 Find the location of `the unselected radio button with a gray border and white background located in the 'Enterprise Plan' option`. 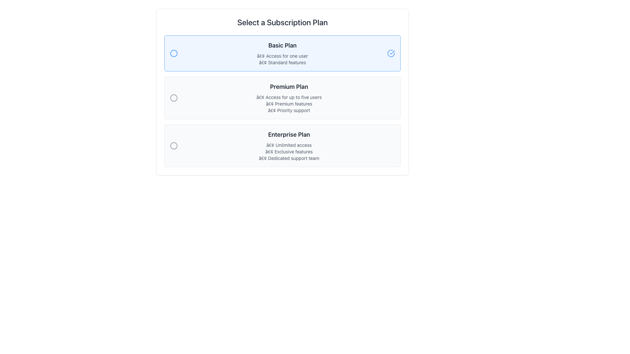

the unselected radio button with a gray border and white background located in the 'Enterprise Plan' option is located at coordinates (174, 145).